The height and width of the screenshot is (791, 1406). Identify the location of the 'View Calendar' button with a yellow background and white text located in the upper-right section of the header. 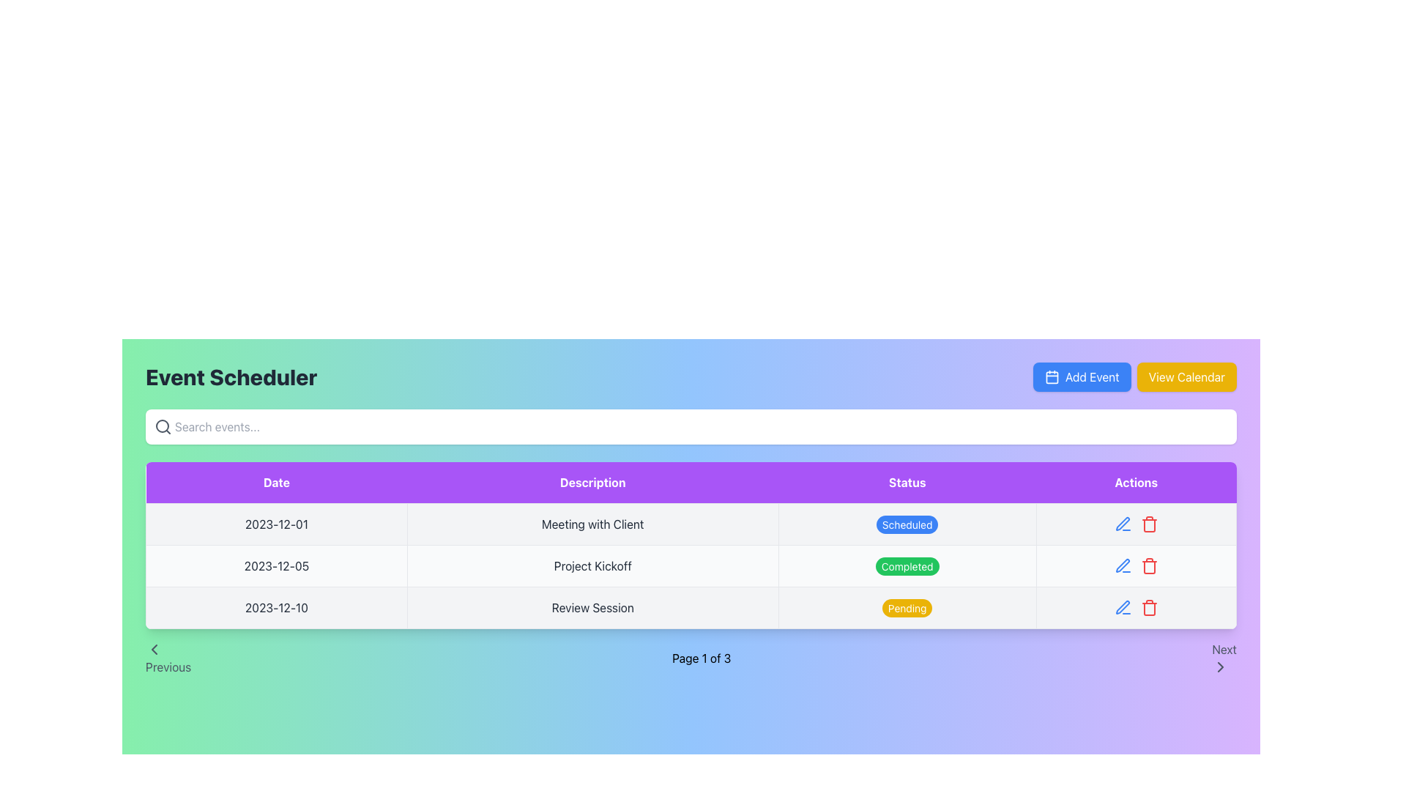
(1186, 376).